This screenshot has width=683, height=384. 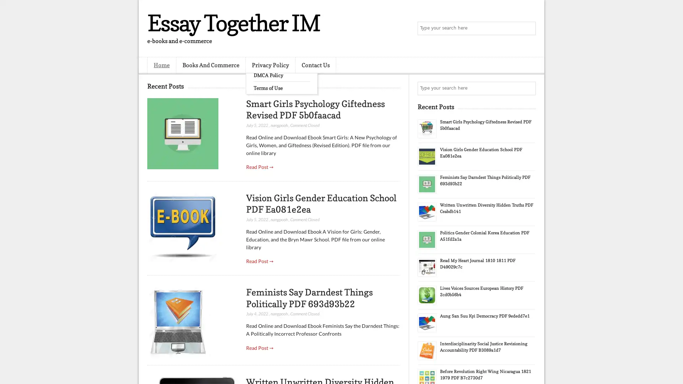 What do you see at coordinates (528, 28) in the screenshot?
I see `Search` at bounding box center [528, 28].